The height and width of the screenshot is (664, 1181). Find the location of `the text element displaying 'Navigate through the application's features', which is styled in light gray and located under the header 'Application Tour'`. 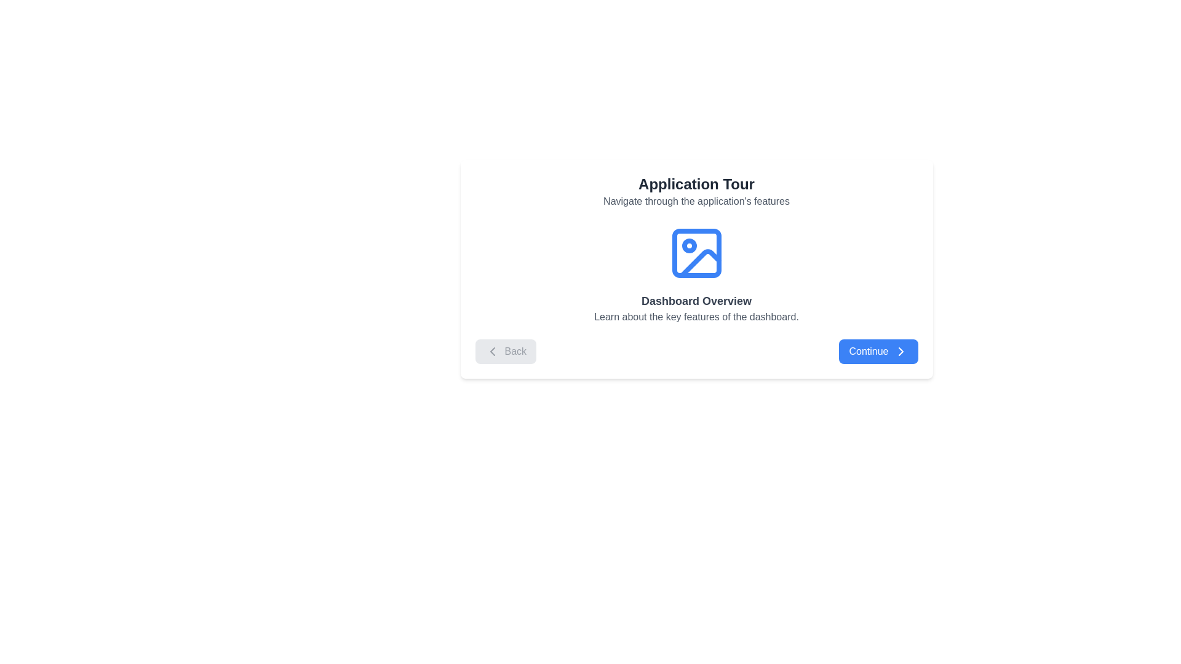

the text element displaying 'Navigate through the application's features', which is styled in light gray and located under the header 'Application Tour' is located at coordinates (696, 200).